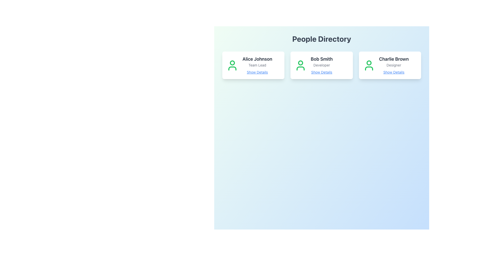 This screenshot has width=485, height=273. Describe the element at coordinates (394, 65) in the screenshot. I see `the text label that displays the job title or role description, located in the rightmost card of the 'People Directory' interface, positioned vertically between 'Charlie Brown' and 'Show Details'` at that location.